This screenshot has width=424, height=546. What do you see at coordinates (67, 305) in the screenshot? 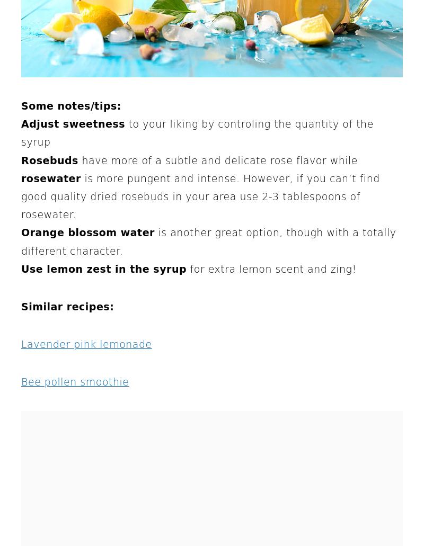
I see `'Similar recipes:'` at bounding box center [67, 305].